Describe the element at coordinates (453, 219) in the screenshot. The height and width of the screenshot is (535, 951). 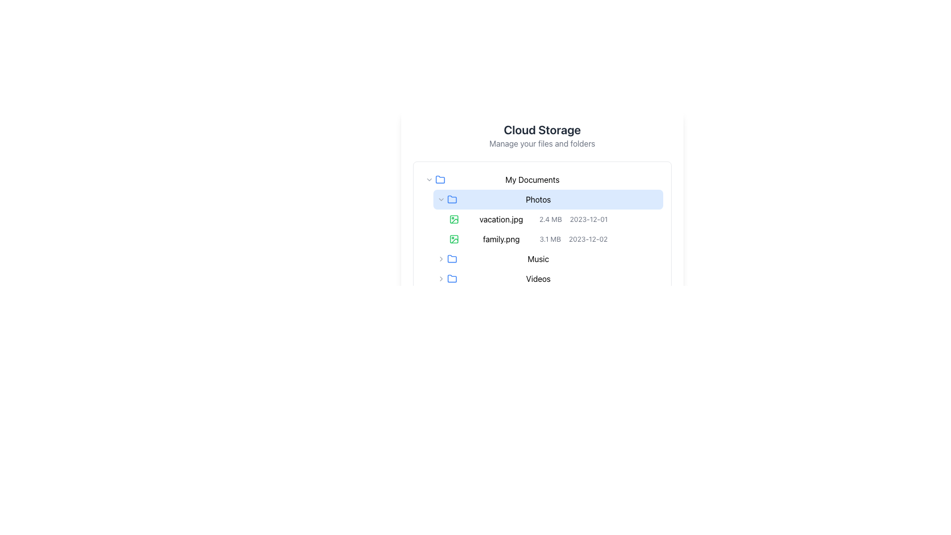
I see `the image icon with a green border that resembles a photograph, located to the left of 'vacation.jpg' in the 'Photos' folder section` at that location.